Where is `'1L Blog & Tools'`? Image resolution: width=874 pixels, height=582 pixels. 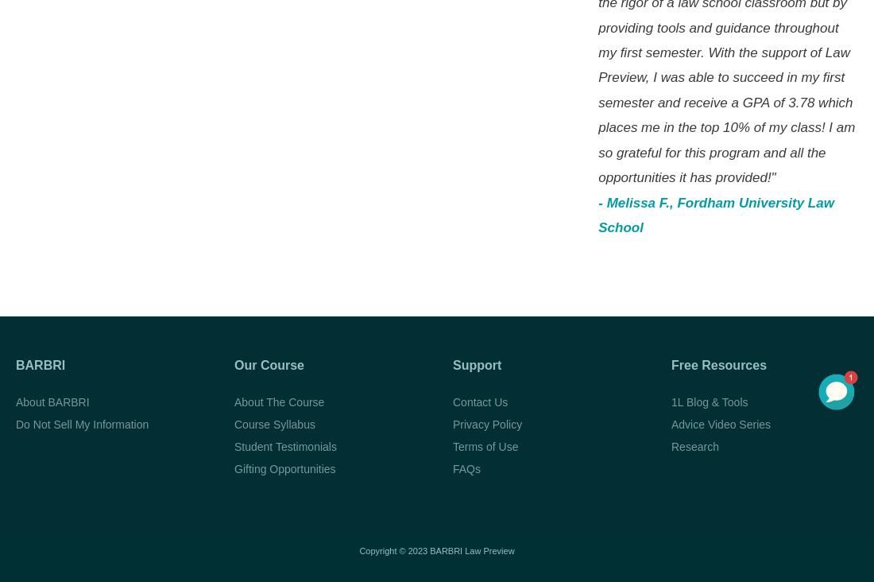 '1L Blog & Tools' is located at coordinates (708, 402).